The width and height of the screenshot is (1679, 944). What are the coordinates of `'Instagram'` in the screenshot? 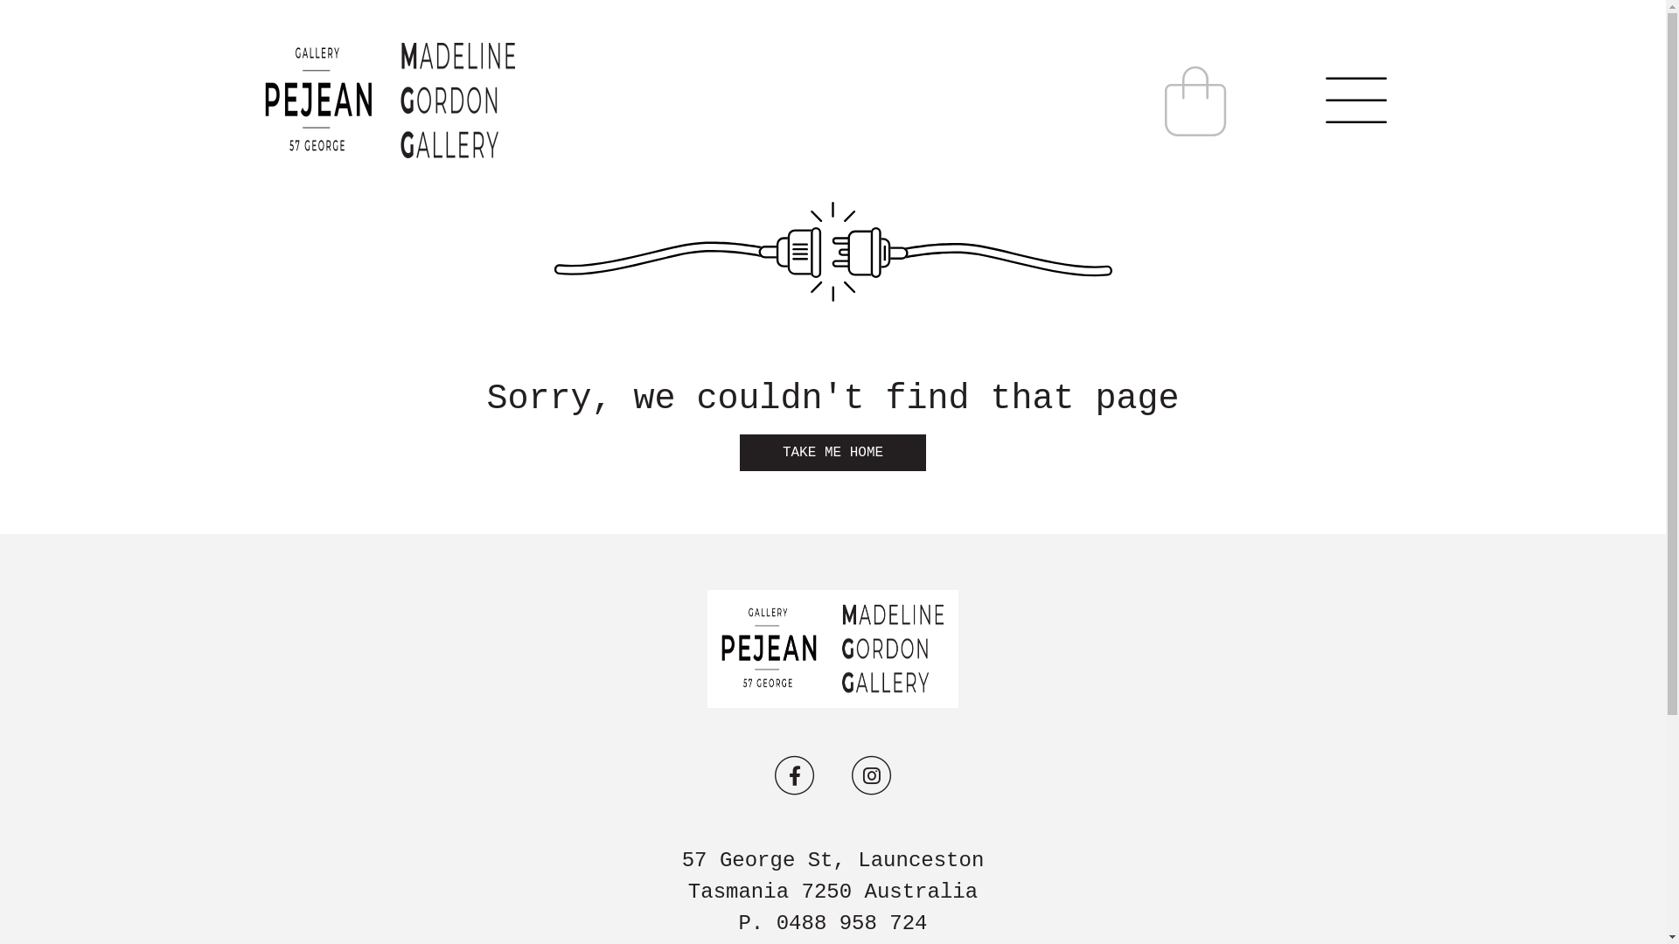 It's located at (871, 775).